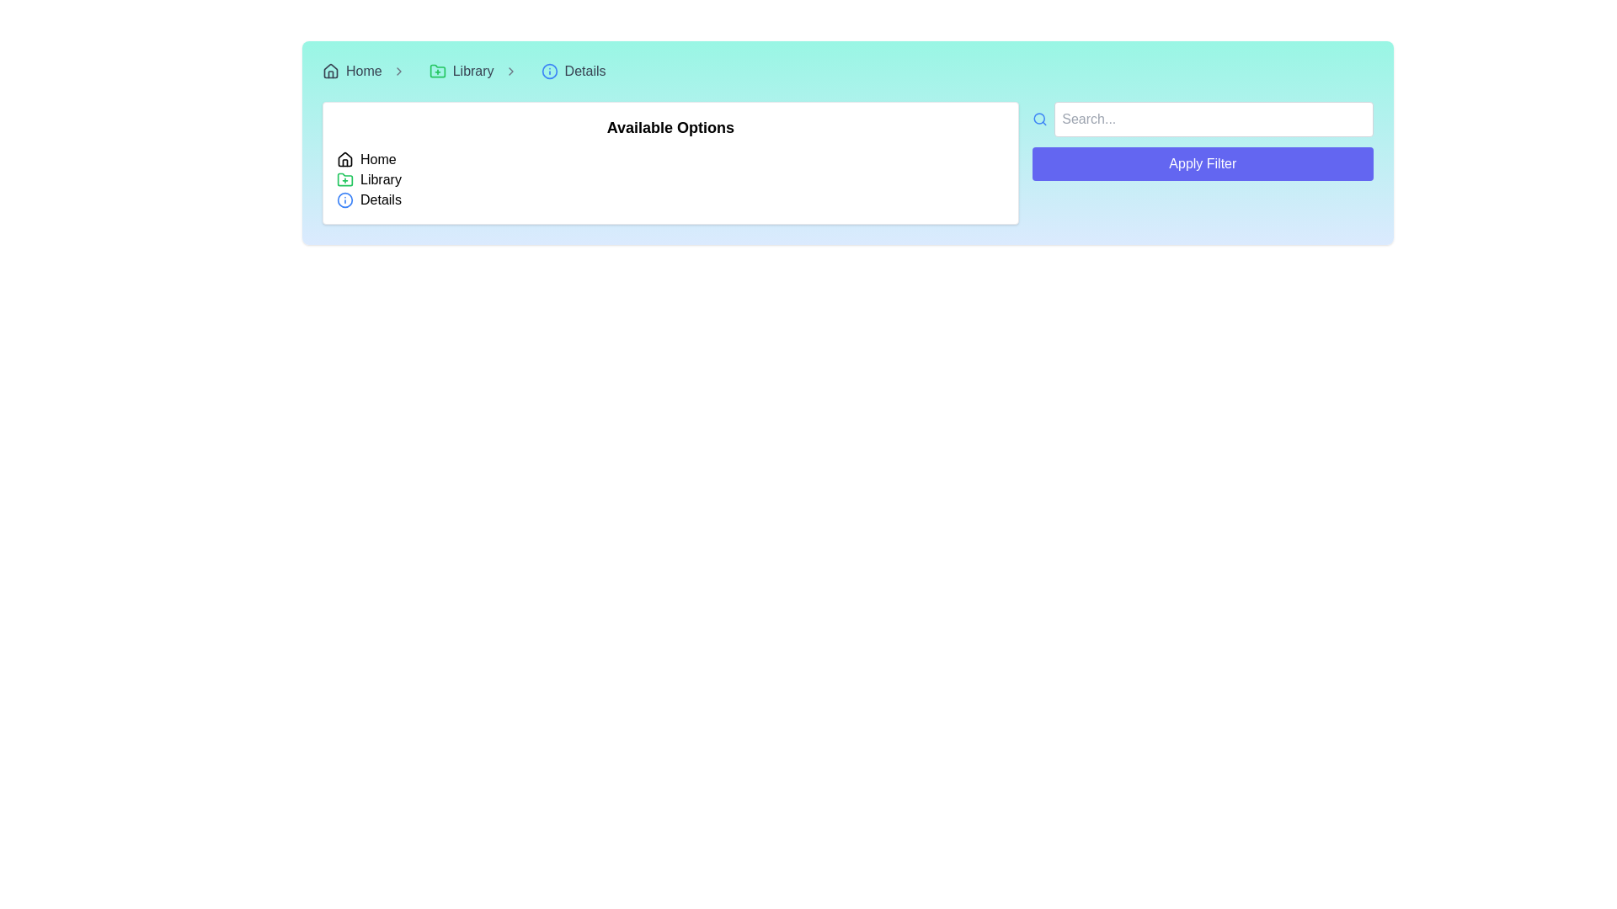 This screenshot has width=1617, height=909. Describe the element at coordinates (1038, 118) in the screenshot. I see `the decorative circular element representing the lens part of the magnifying glass icon located to the left of the search input field in the top bar of the interface` at that location.